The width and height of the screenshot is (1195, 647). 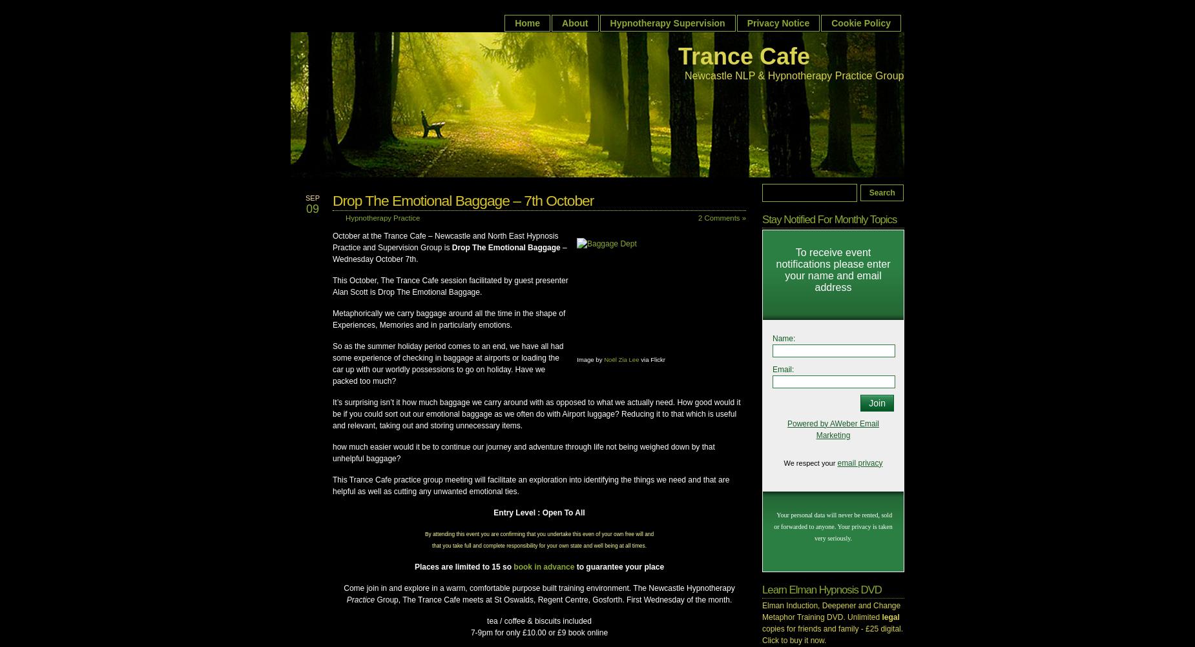 I want to click on 'Your personal data will never be rented, sold or forwarded to anyone. Your privacy is taken very seriously.', so click(x=773, y=526).